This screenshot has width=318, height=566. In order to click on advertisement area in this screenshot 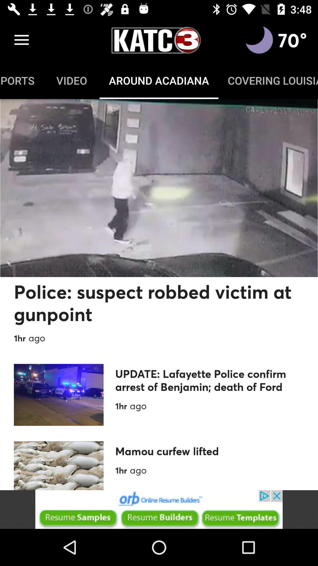, I will do `click(159, 509)`.